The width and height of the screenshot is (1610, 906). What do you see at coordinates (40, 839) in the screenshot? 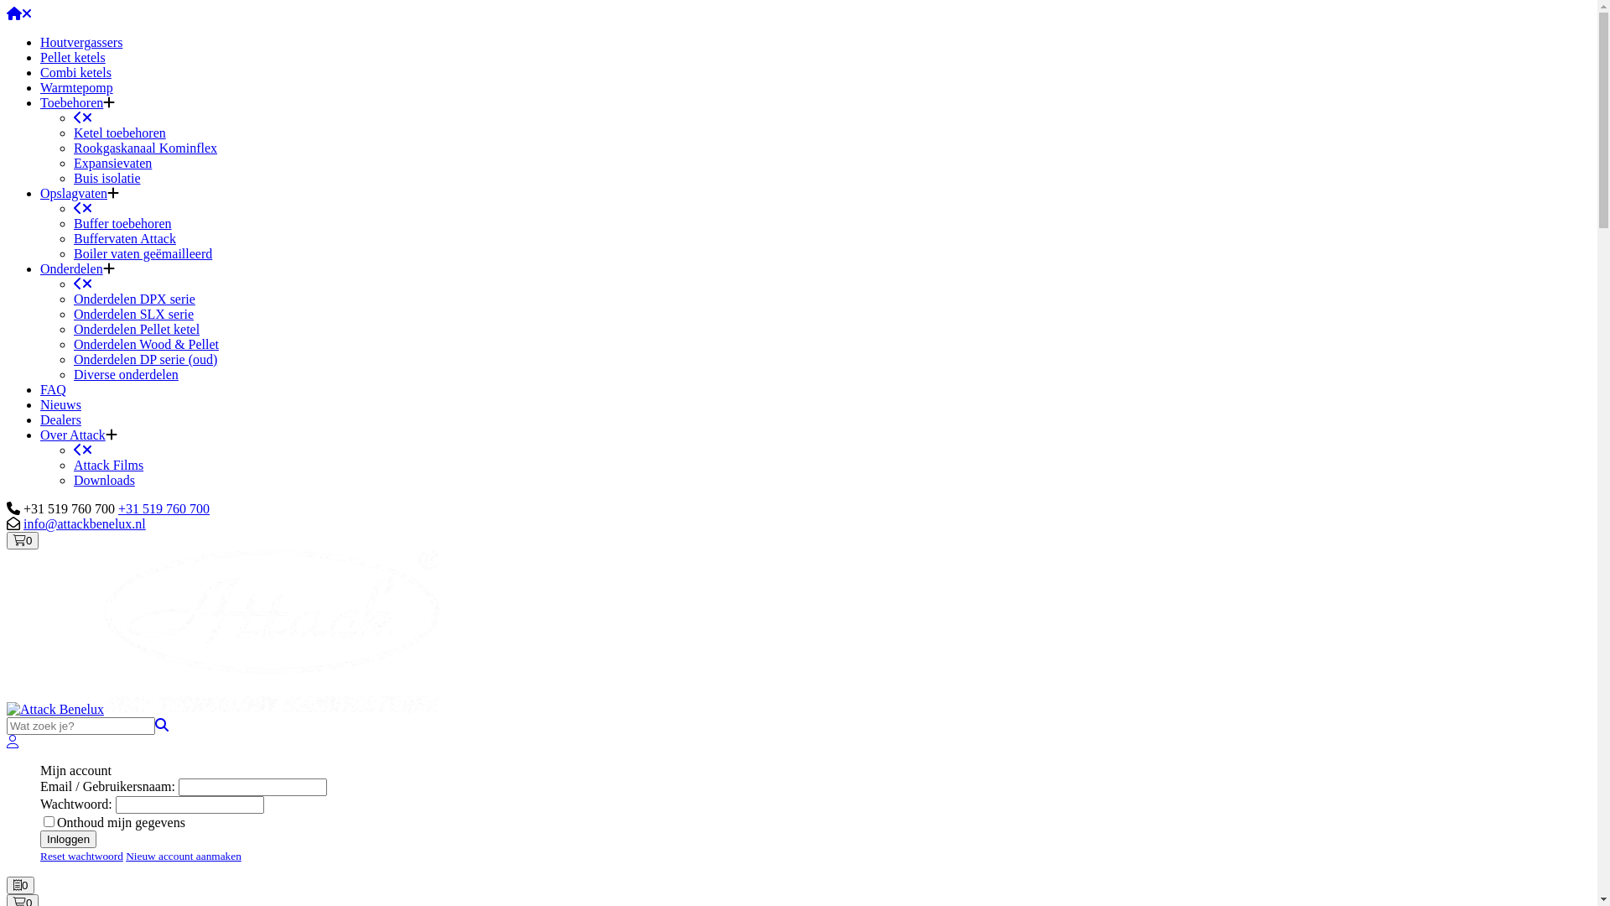
I see `'Inloggen'` at bounding box center [40, 839].